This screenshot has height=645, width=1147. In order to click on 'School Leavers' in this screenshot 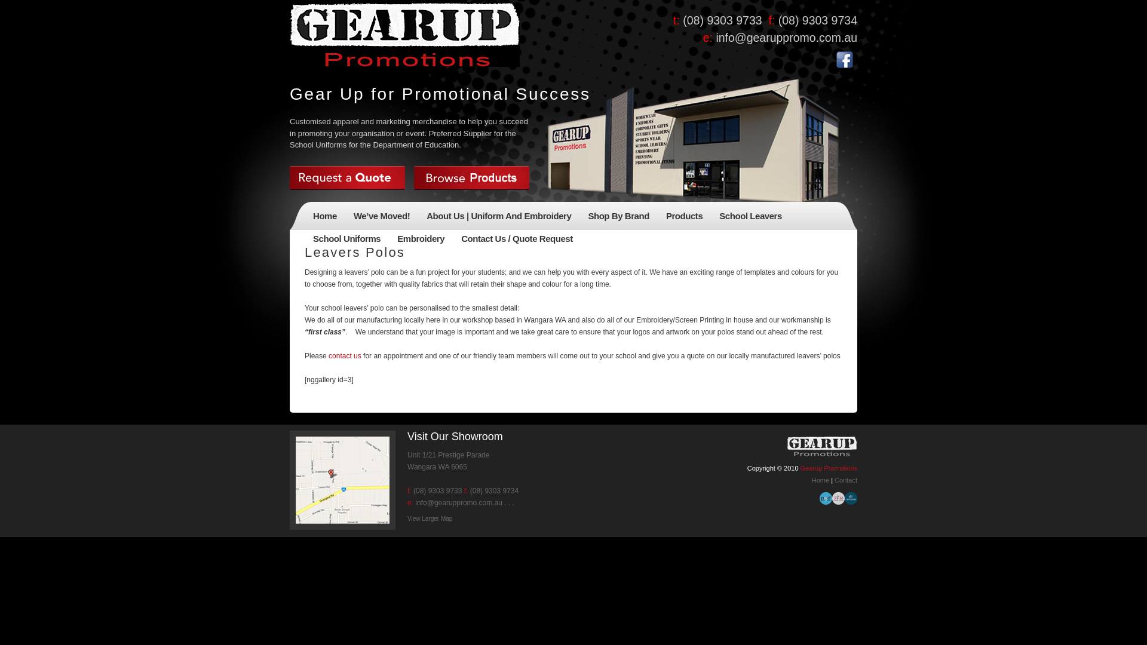, I will do `click(750, 218)`.